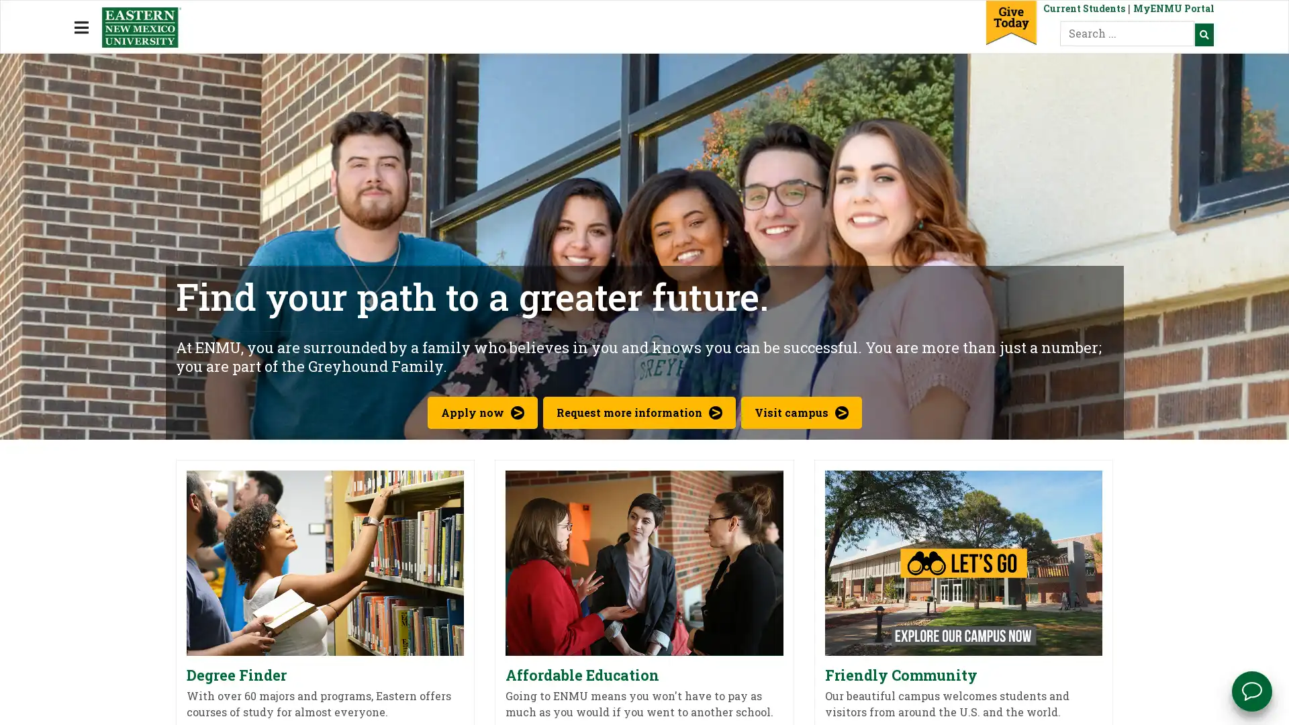 Image resolution: width=1289 pixels, height=725 pixels. I want to click on Click here to launch the chat bot., so click(1251, 691).